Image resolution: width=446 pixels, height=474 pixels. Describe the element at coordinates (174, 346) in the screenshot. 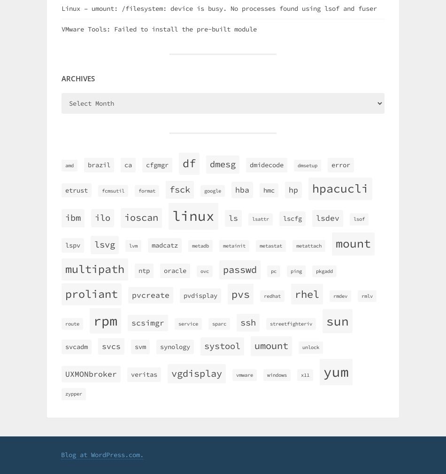

I see `'synology'` at that location.